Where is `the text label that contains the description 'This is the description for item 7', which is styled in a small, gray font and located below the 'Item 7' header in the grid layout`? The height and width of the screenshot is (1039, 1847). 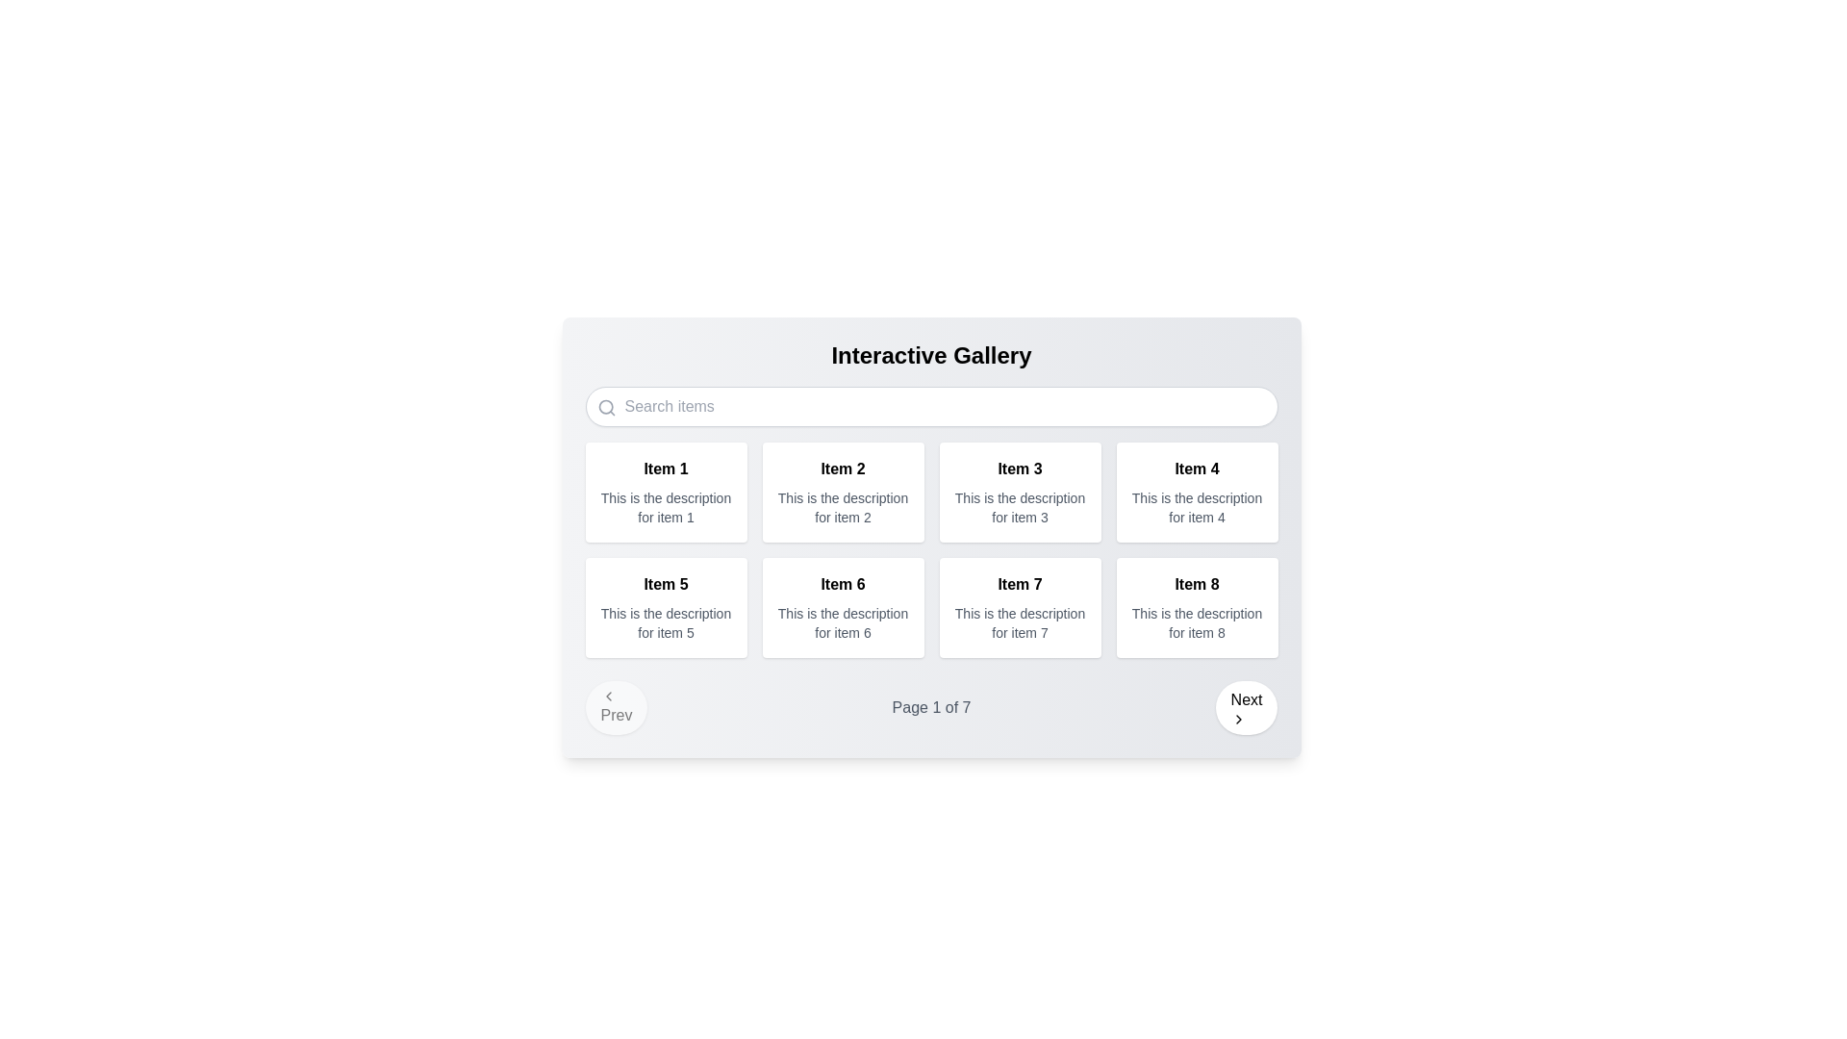
the text label that contains the description 'This is the description for item 7', which is styled in a small, gray font and located below the 'Item 7' header in the grid layout is located at coordinates (1019, 623).